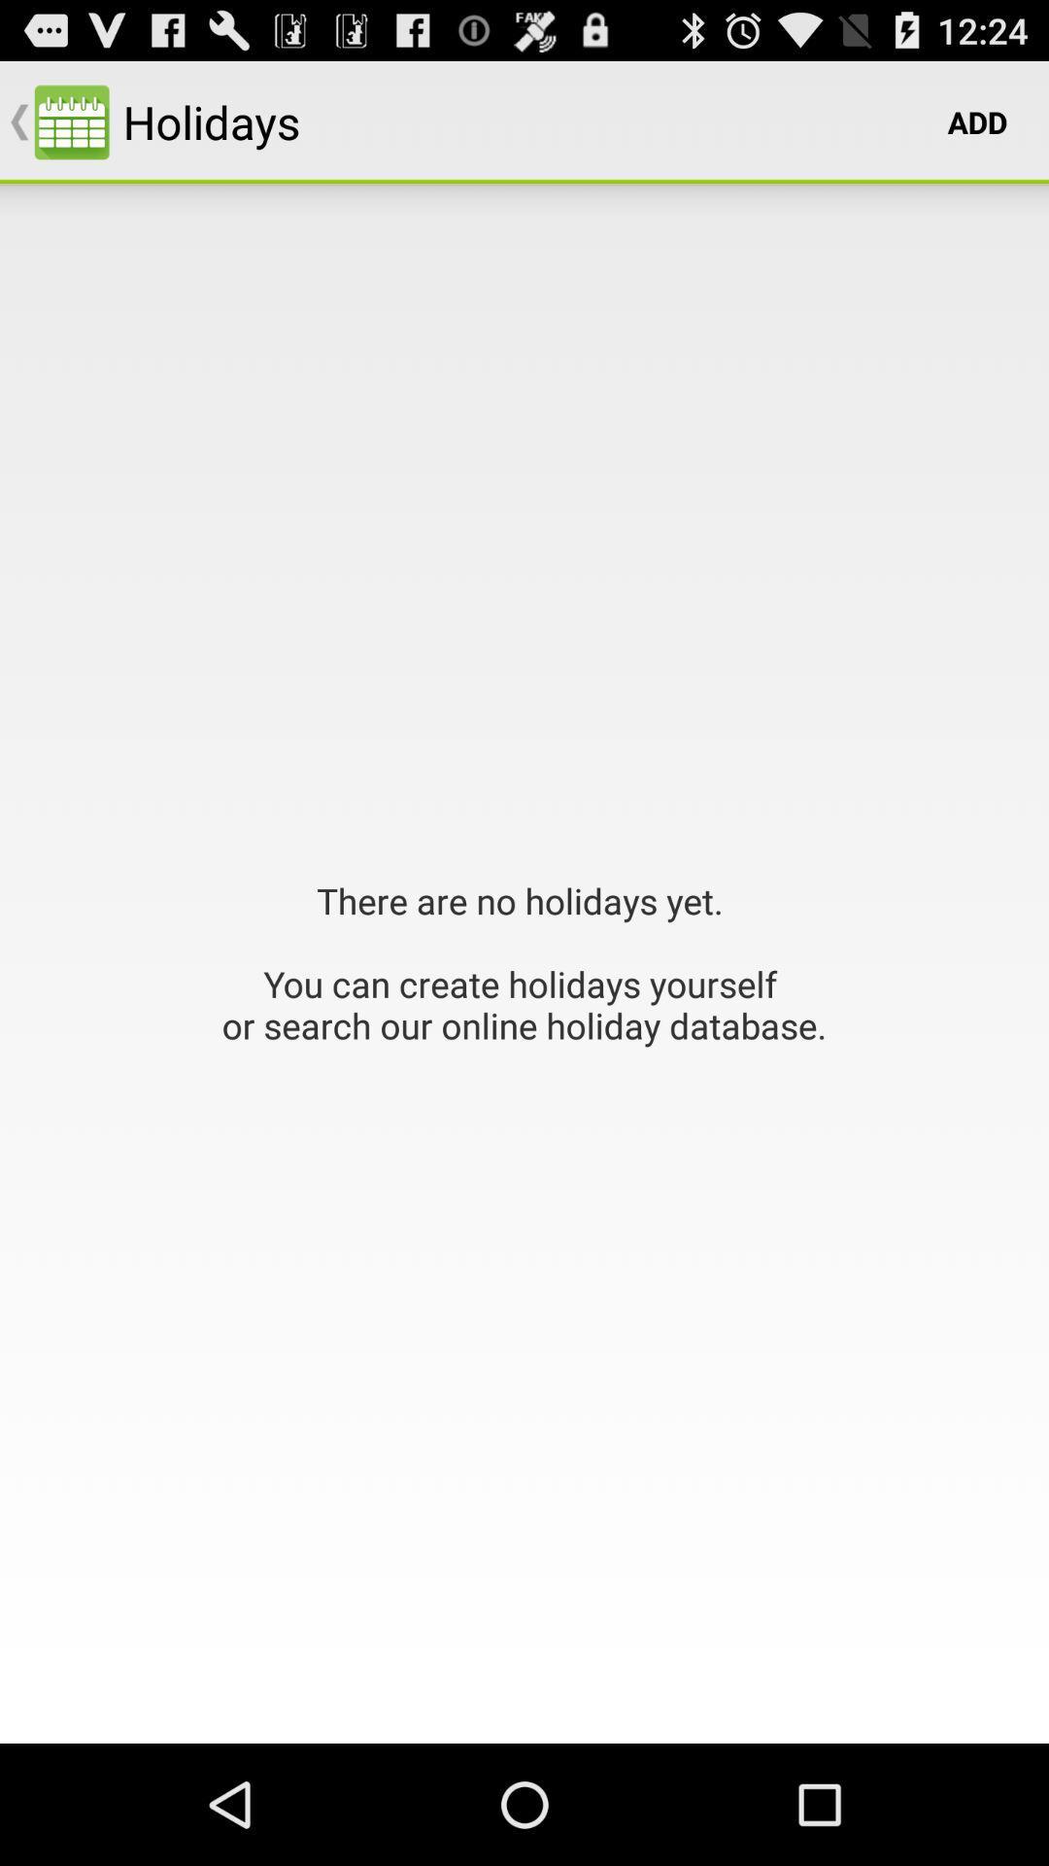  What do you see at coordinates (977, 121) in the screenshot?
I see `item to the right of holidays icon` at bounding box center [977, 121].